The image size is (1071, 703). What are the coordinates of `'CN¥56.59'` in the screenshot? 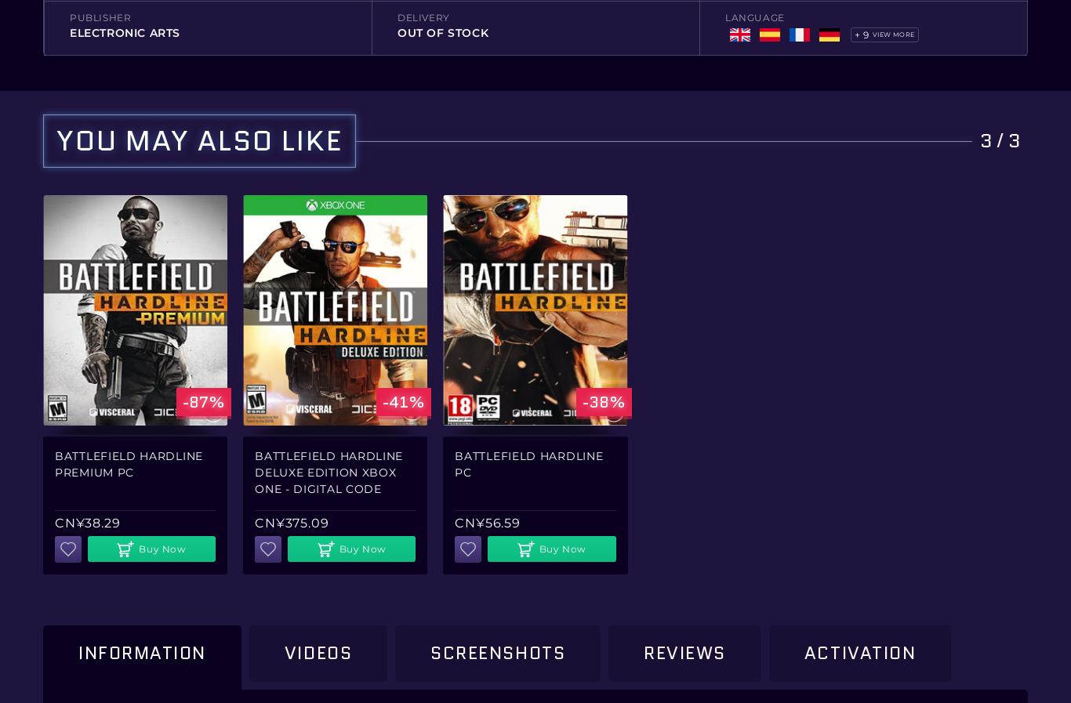 It's located at (454, 522).